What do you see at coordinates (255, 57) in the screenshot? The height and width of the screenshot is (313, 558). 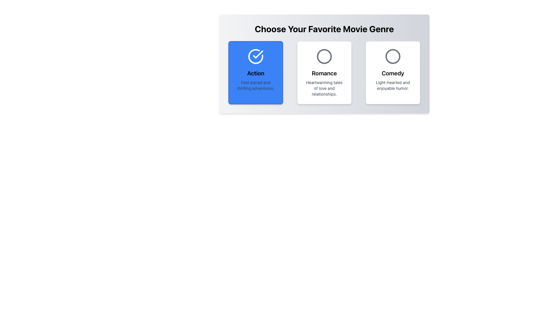 I see `the stylized checkmark icon enclosed within a circle, which is located in the first option box labeled 'Action' in the 'Choose Your Favorite Movie Genre' section` at bounding box center [255, 57].